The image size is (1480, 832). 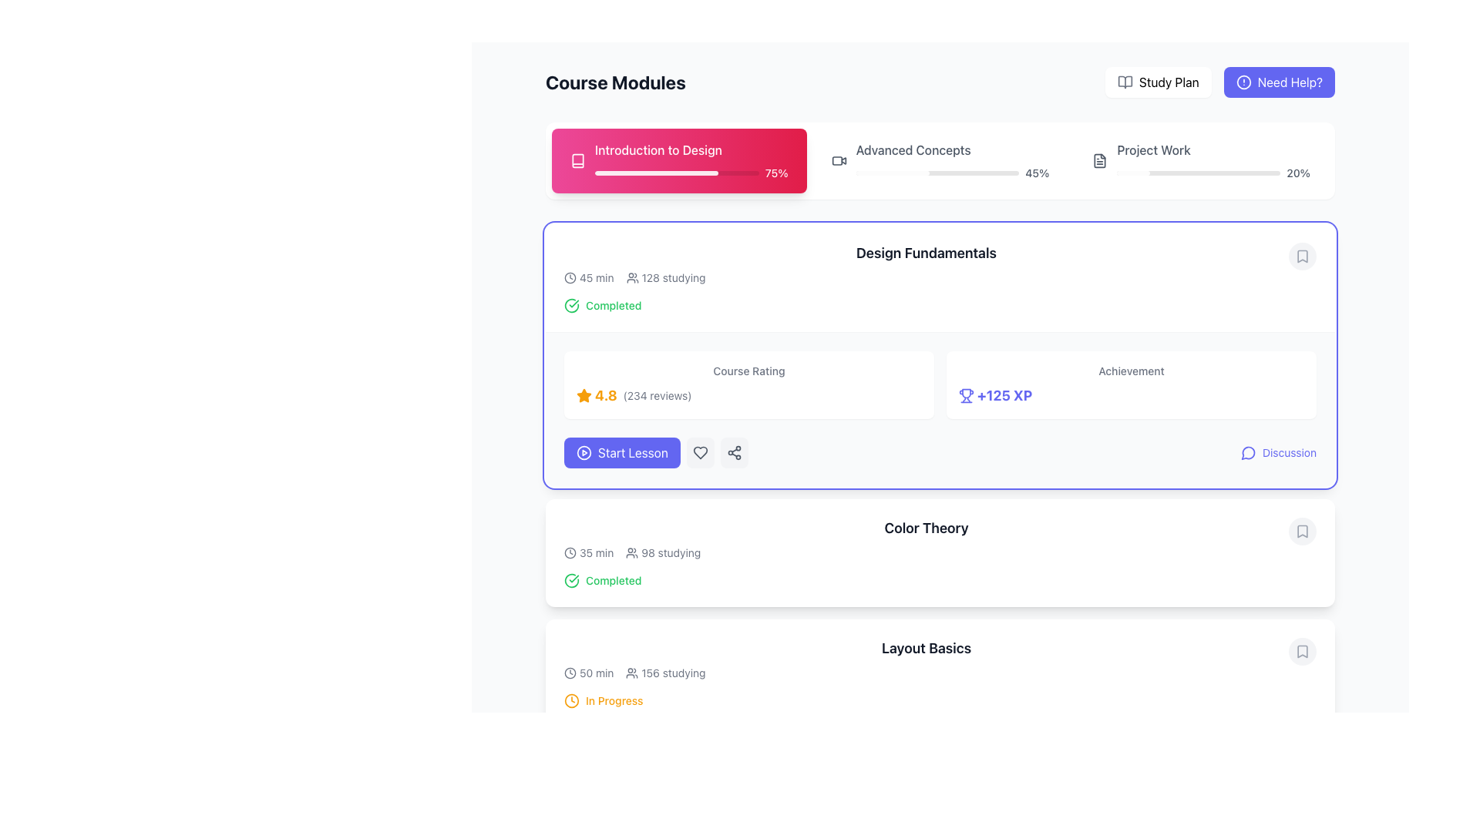 I want to click on the text label with the clock icon displaying '50 min', so click(x=588, y=673).